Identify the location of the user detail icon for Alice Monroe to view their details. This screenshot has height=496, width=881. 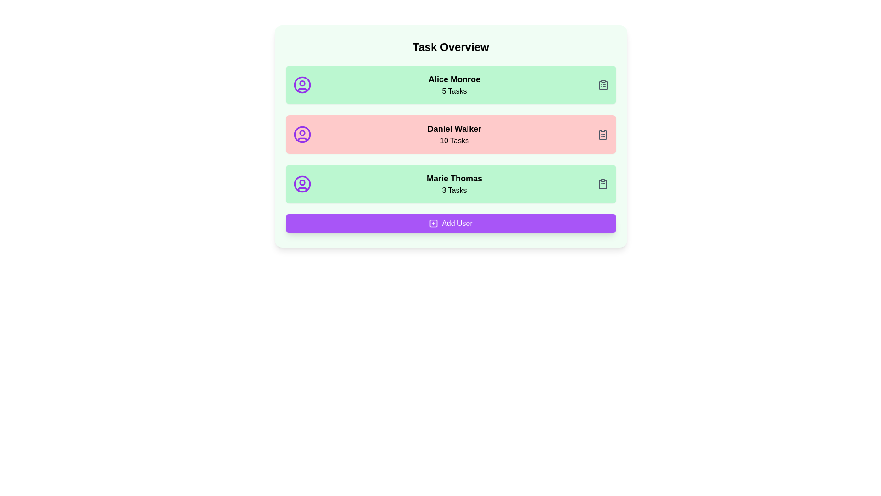
(302, 85).